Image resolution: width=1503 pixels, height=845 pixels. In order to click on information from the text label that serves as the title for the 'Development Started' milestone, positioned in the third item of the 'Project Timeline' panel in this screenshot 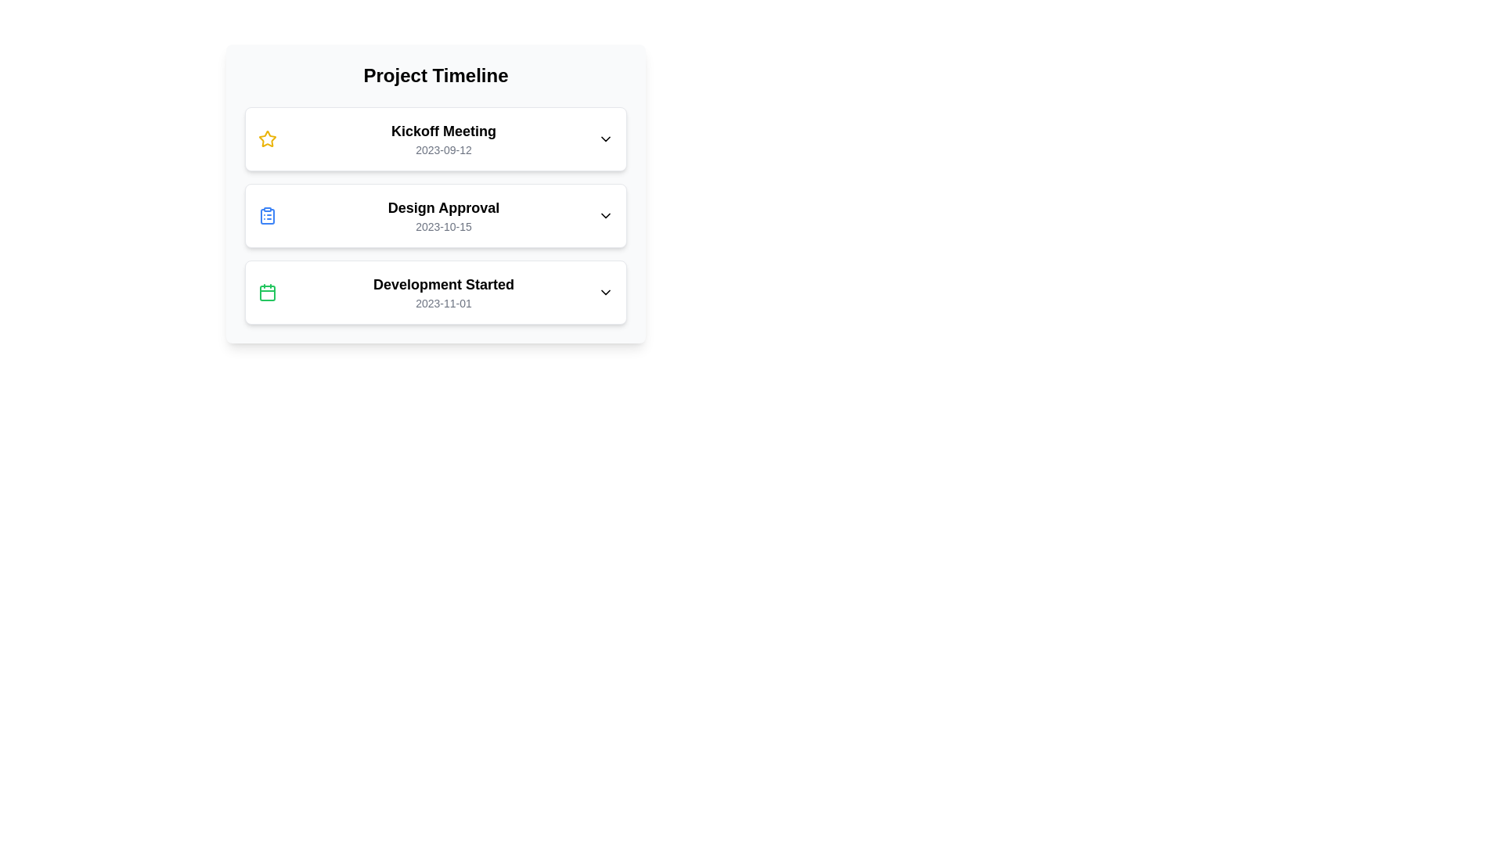, I will do `click(442, 284)`.